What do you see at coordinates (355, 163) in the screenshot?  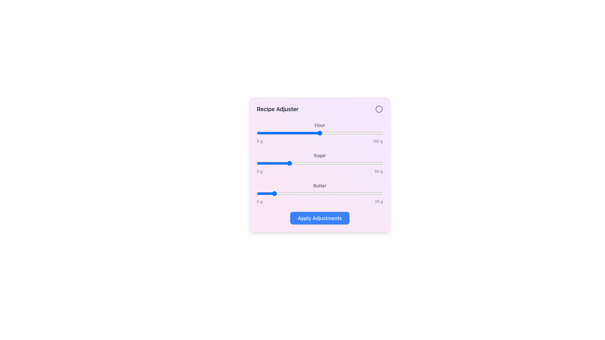 I see `sugar level` at bounding box center [355, 163].